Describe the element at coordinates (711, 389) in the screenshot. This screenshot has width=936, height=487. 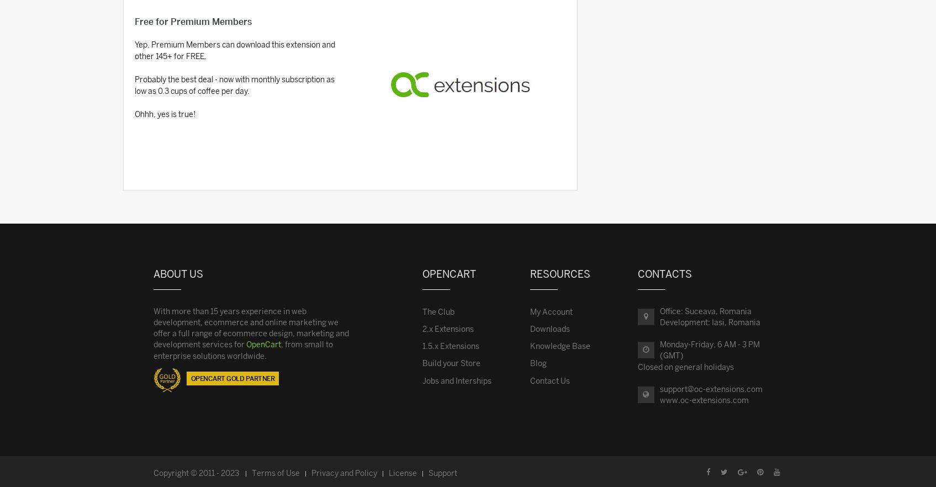
I see `'support@oc-extensions.com'` at that location.